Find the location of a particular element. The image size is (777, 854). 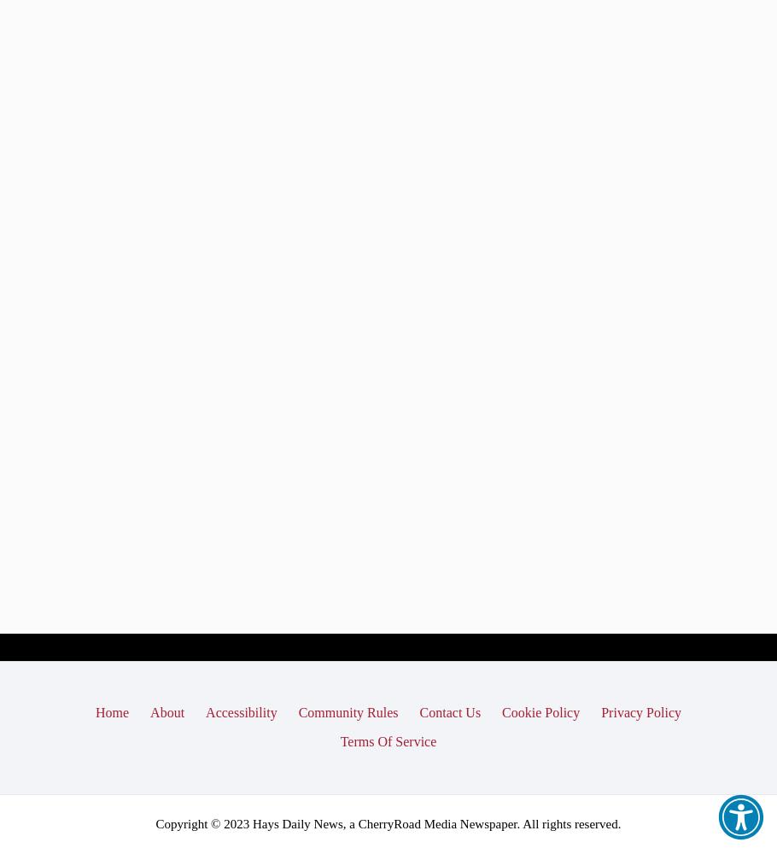

'About' is located at coordinates (149, 711).